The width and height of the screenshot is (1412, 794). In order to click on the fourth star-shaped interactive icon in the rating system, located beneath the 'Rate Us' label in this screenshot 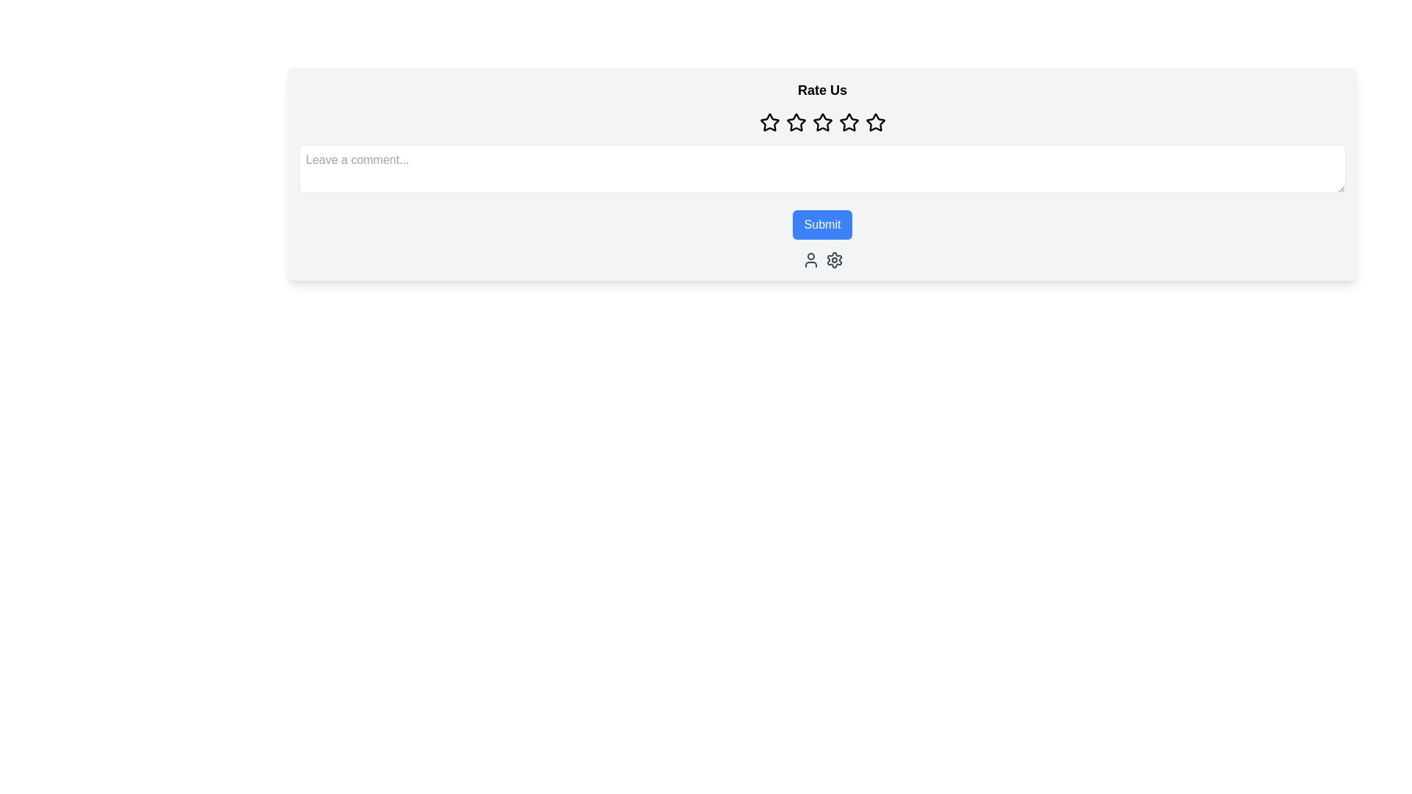, I will do `click(849, 121)`.